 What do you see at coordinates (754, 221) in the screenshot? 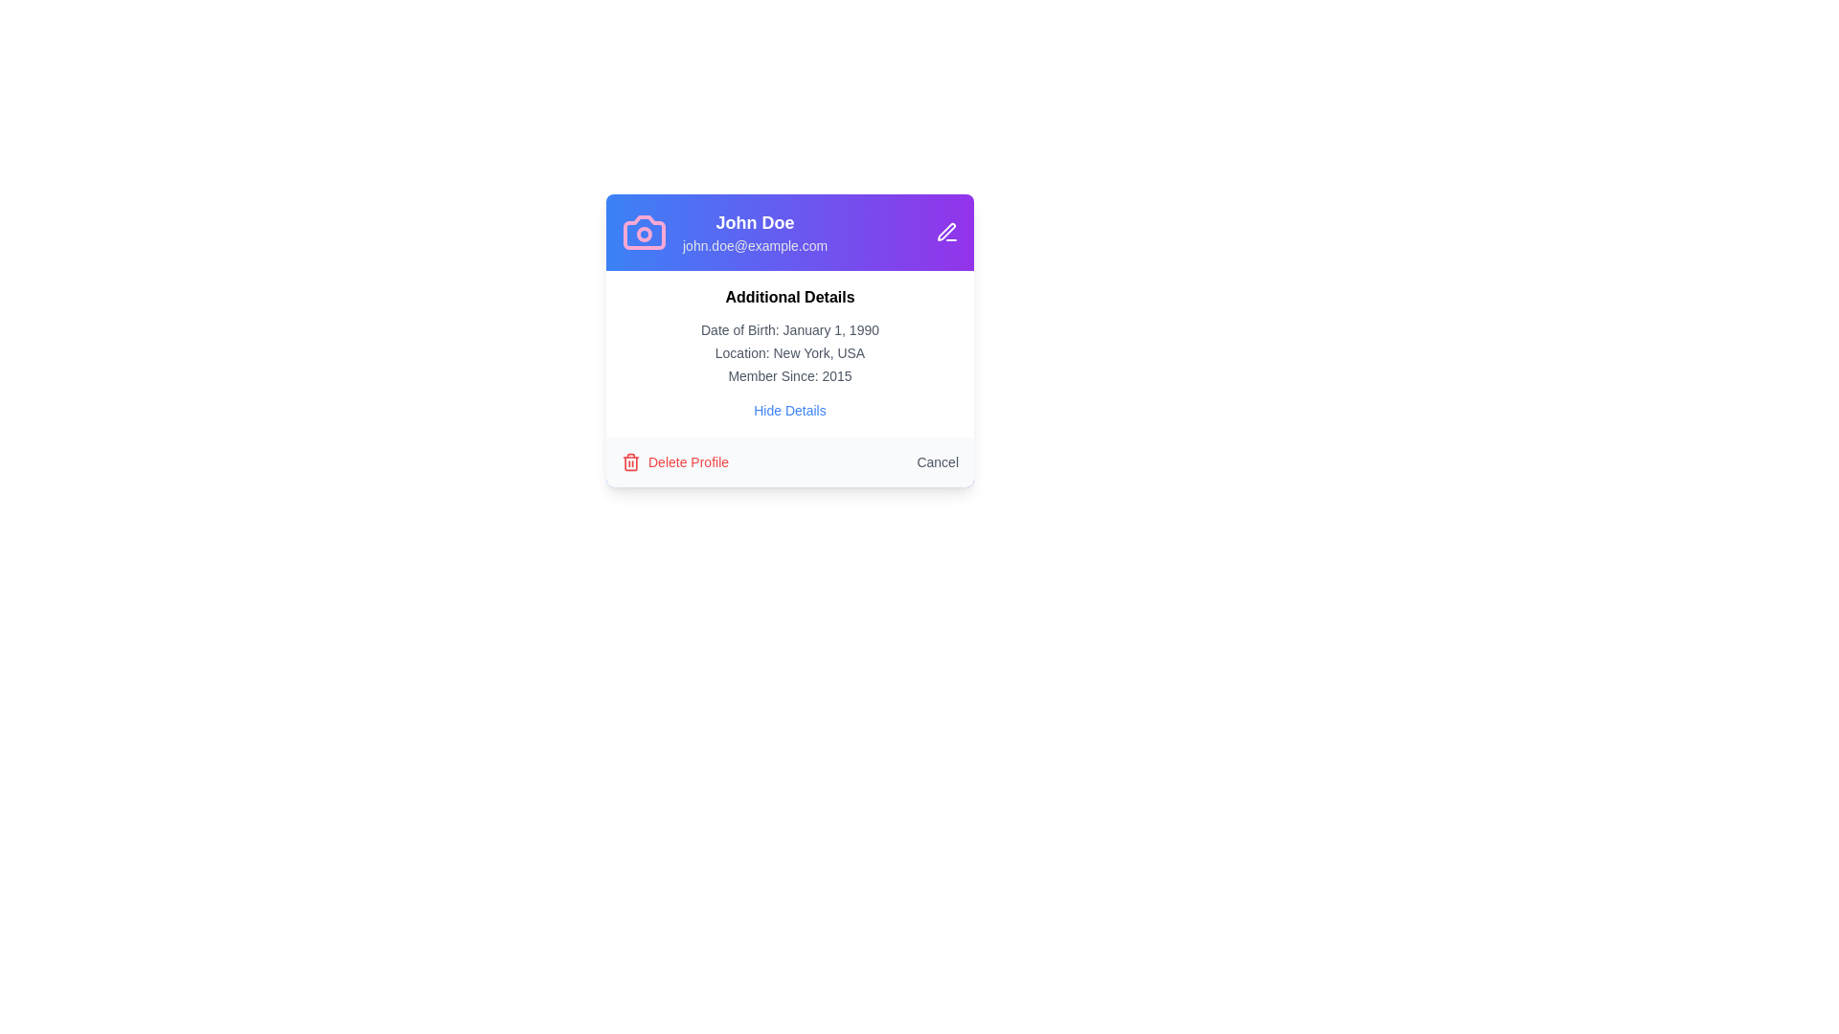
I see `text displayed as the user's name in the upper section of the user profile card, which is aligned with the profile image and above the email address` at bounding box center [754, 221].